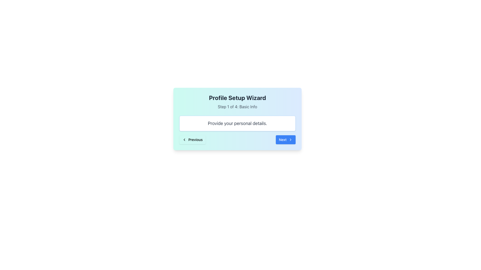 The height and width of the screenshot is (270, 481). What do you see at coordinates (291, 140) in the screenshot?
I see `the Chevron/Arrow icon located at the far right of the 'Next' button in the primary navigation section of the dialog box` at bounding box center [291, 140].